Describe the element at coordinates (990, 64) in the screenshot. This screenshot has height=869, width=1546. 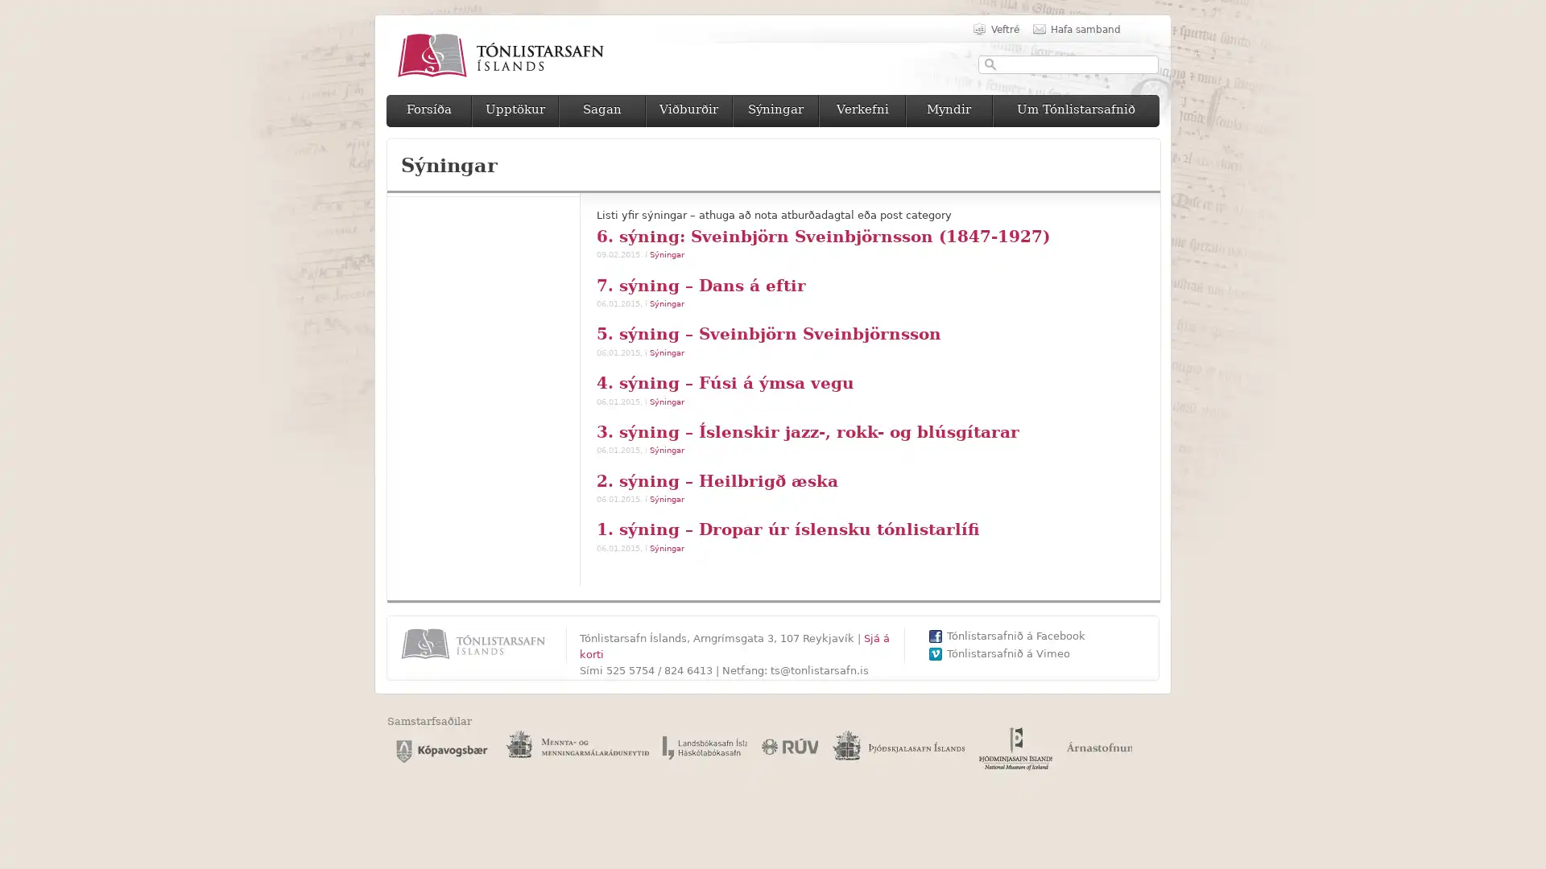
I see `Leita` at that location.